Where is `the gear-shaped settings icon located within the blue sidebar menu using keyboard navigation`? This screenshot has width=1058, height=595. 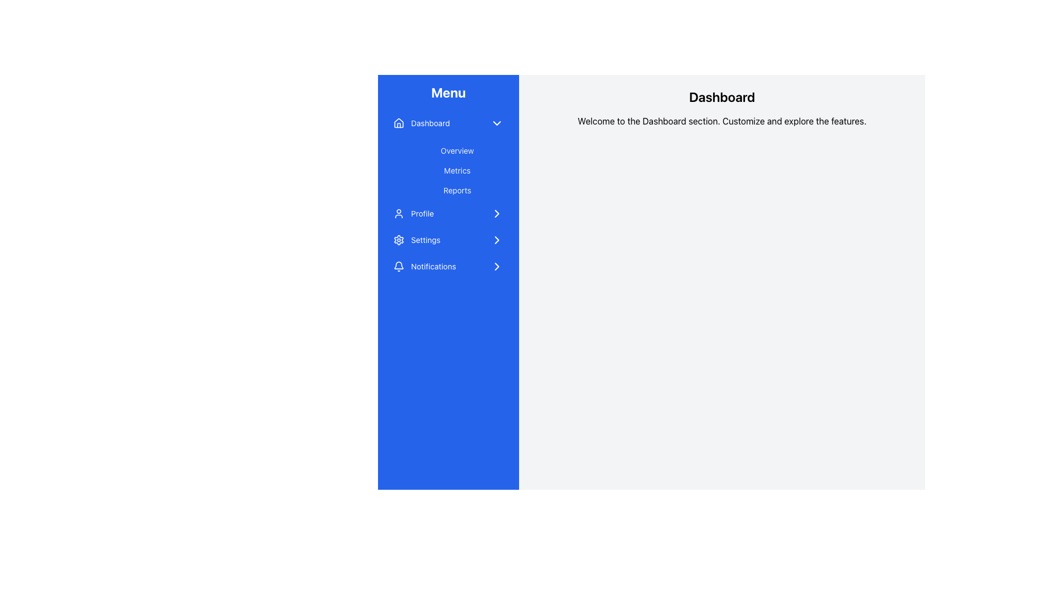 the gear-shaped settings icon located within the blue sidebar menu using keyboard navigation is located at coordinates (398, 239).